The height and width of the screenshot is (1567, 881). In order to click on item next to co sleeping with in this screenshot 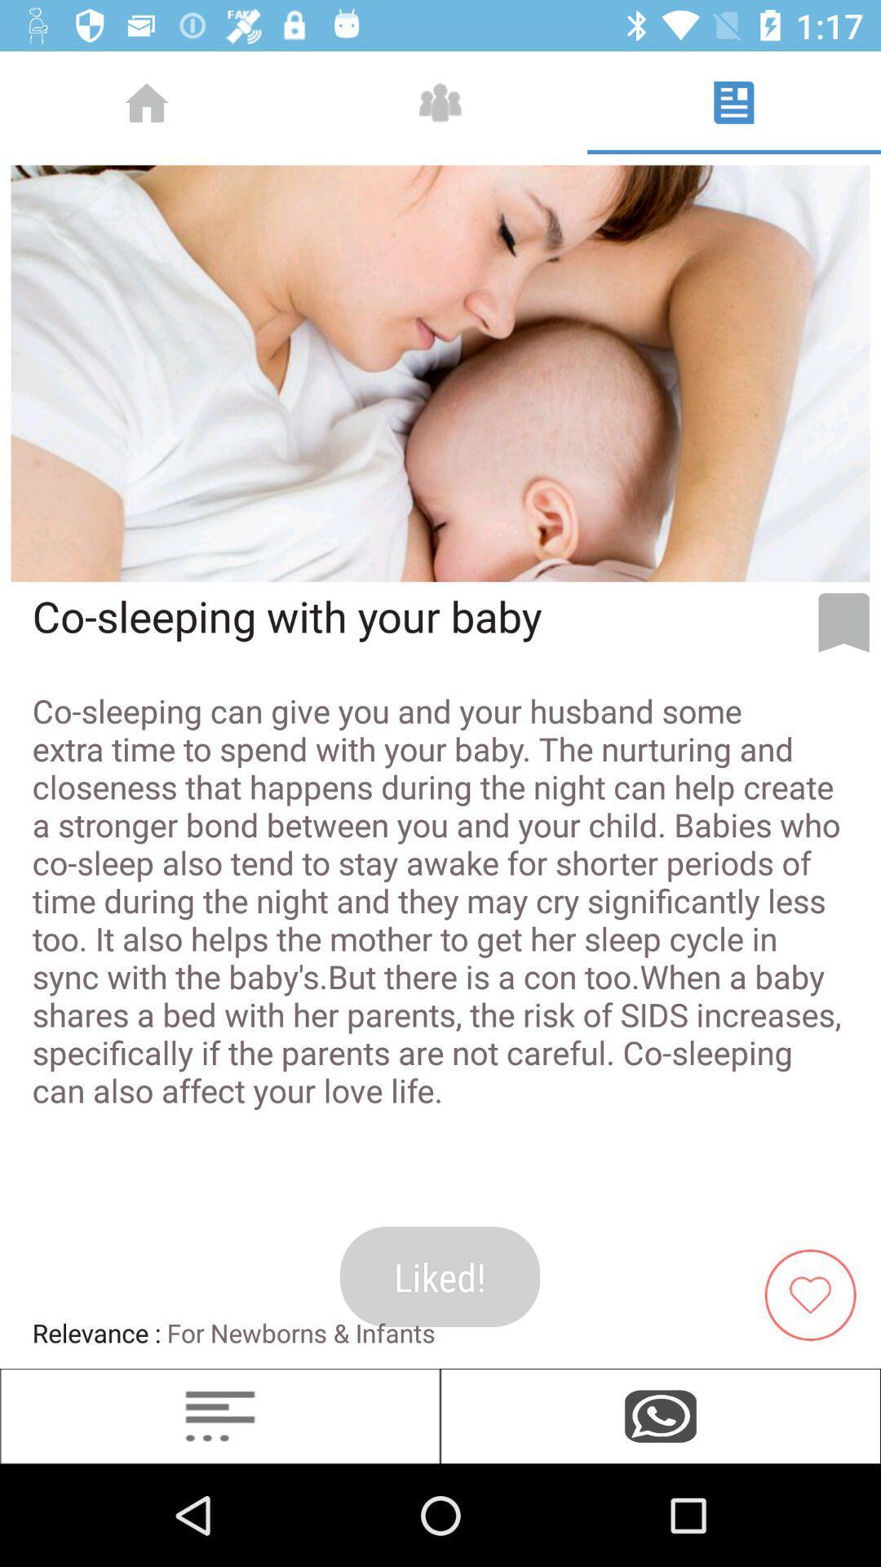, I will do `click(843, 622)`.